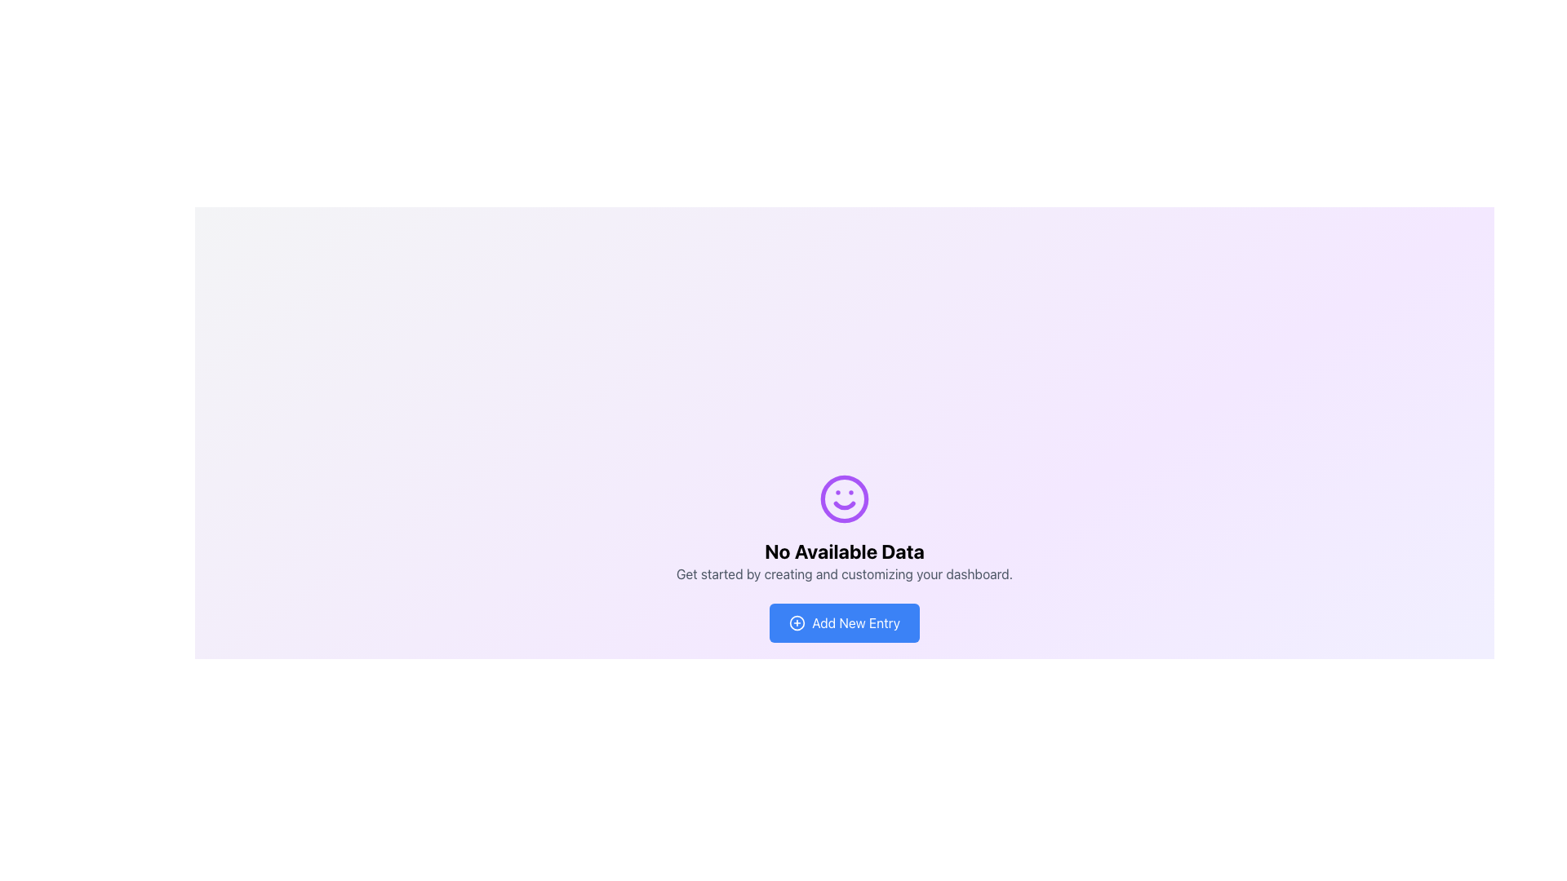  Describe the element at coordinates (845, 498) in the screenshot. I see `the purple smiley face icon that is centrally positioned above the 'No Available Data' text` at that location.